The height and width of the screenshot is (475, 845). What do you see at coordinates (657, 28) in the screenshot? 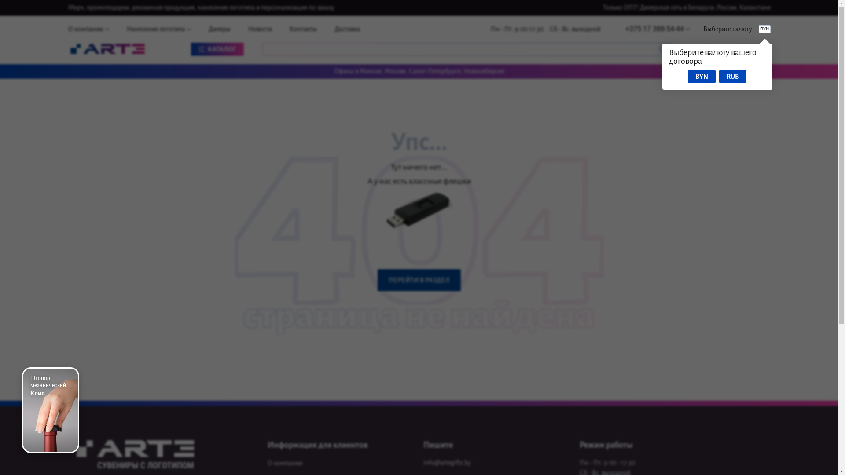
I see `'+375 17 388-54-44'` at bounding box center [657, 28].